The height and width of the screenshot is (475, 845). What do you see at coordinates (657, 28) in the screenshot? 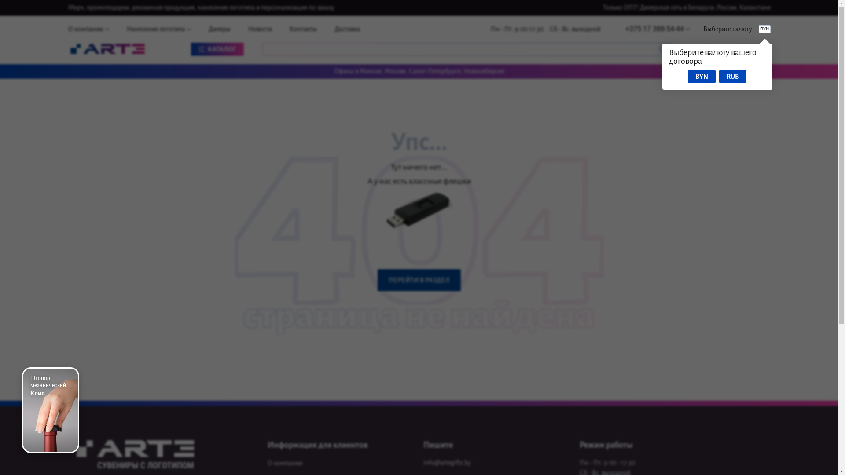
I see `'+375 17 388-54-44'` at bounding box center [657, 28].